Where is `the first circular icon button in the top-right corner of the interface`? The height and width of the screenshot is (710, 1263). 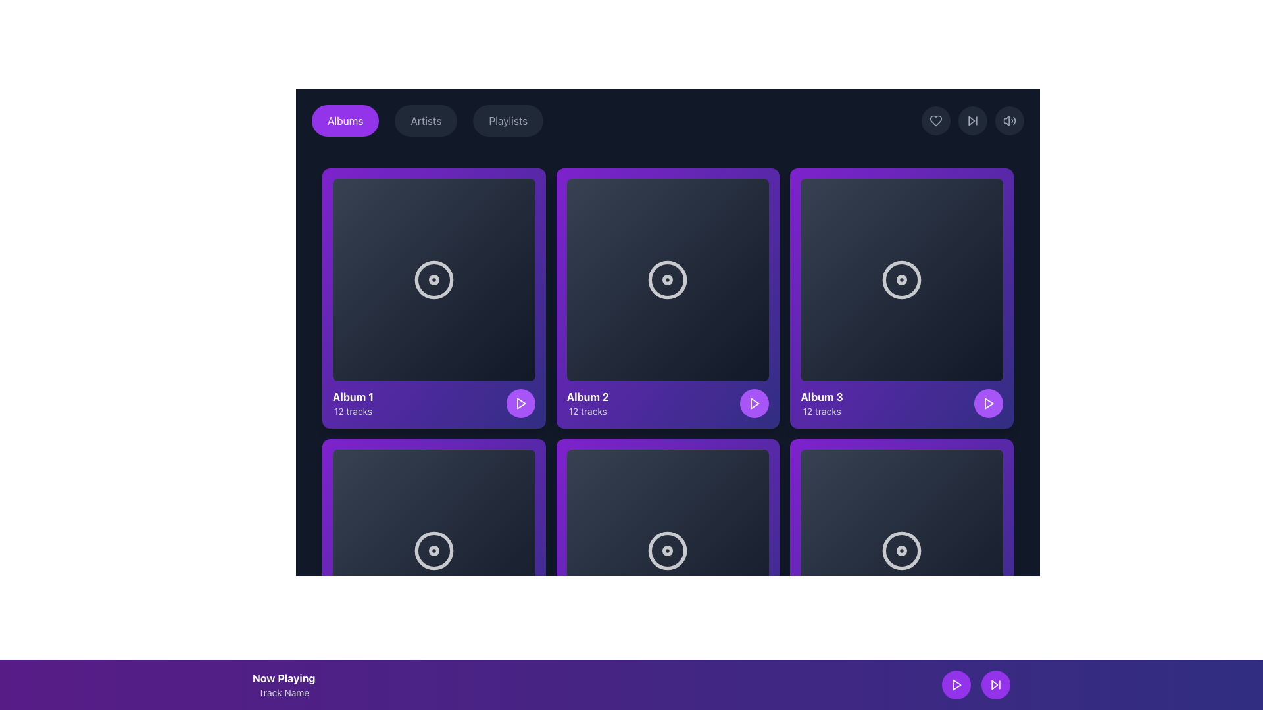 the first circular icon button in the top-right corner of the interface is located at coordinates (935, 121).